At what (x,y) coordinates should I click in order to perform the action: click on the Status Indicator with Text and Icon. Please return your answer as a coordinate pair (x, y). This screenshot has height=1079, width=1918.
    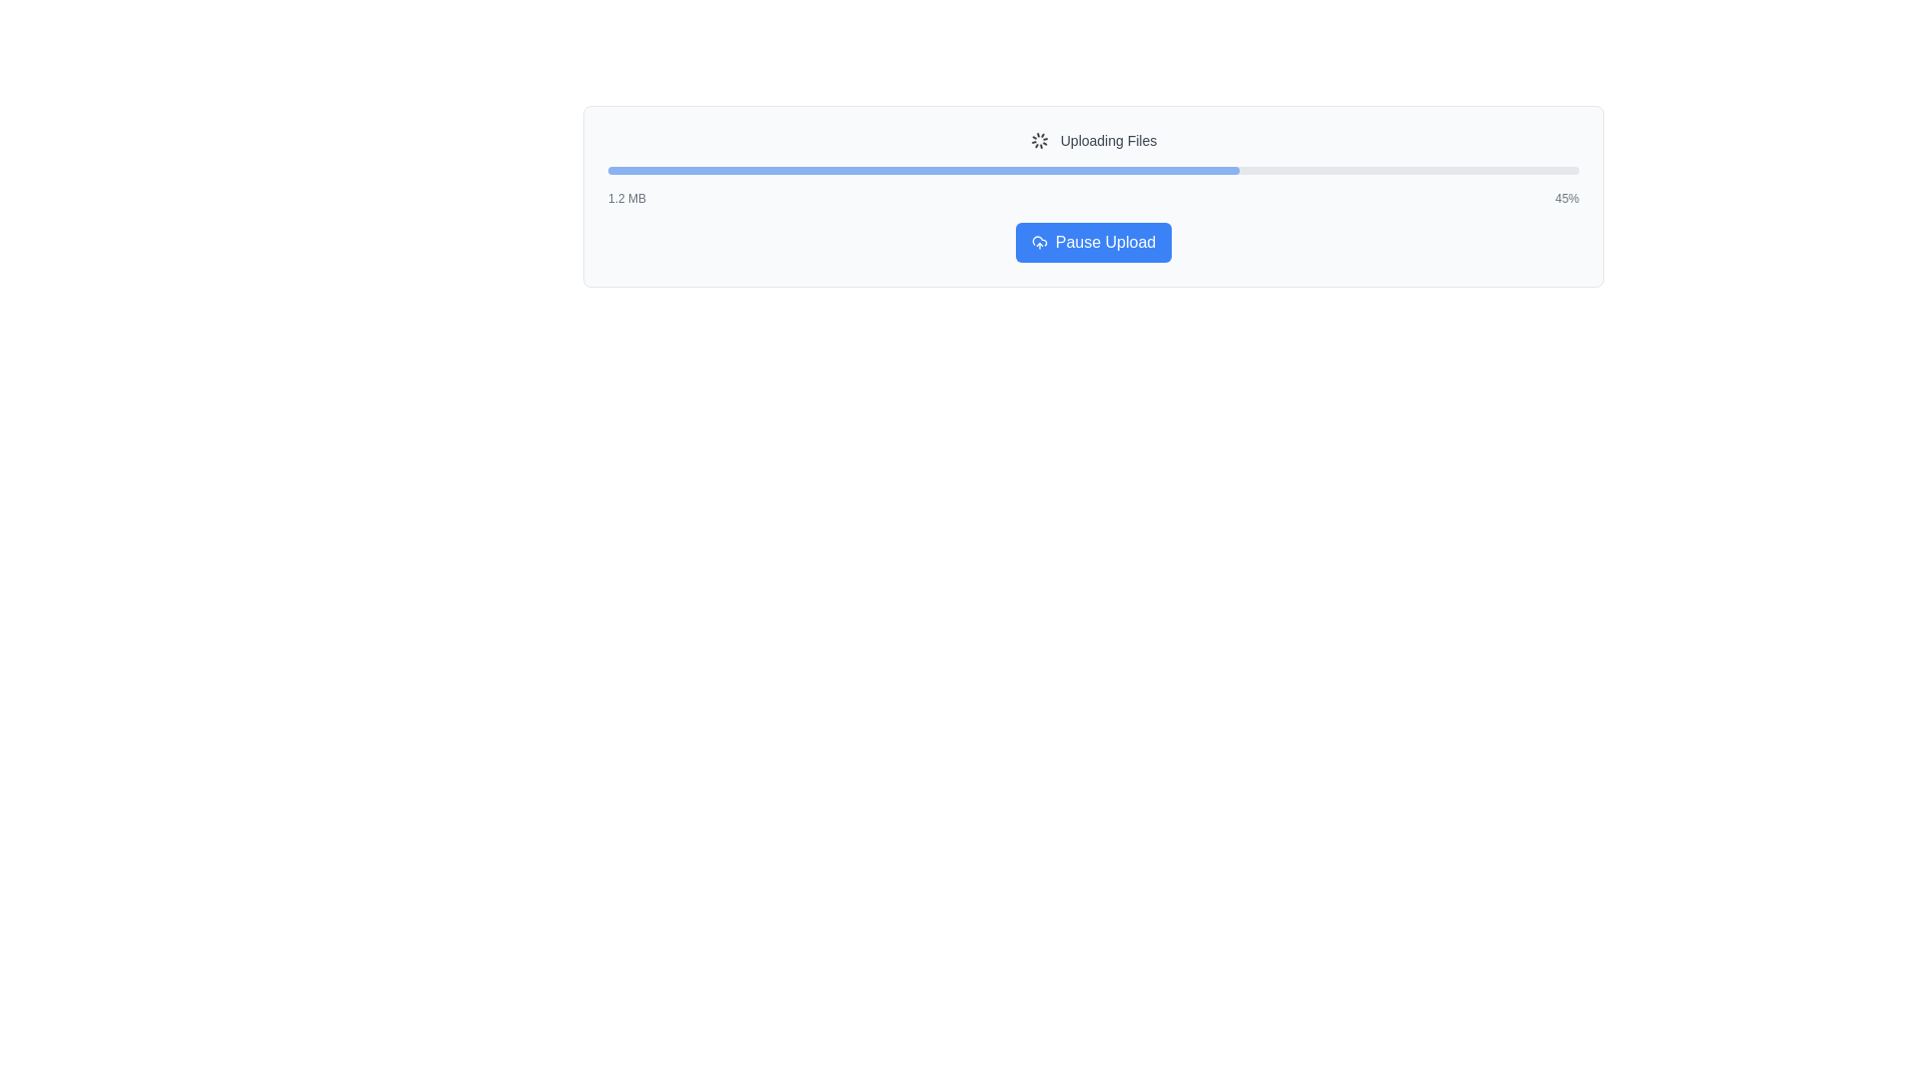
    Looking at the image, I should click on (1092, 140).